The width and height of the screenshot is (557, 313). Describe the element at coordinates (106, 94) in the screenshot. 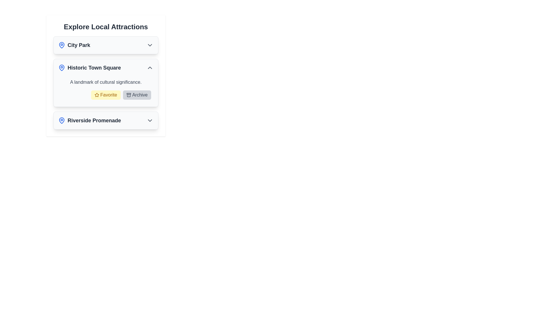

I see `the 'Favorite' button, which has a yellow background and a star icon, located under the 'Explore Local Attractions' section next to the 'Archive' button` at that location.